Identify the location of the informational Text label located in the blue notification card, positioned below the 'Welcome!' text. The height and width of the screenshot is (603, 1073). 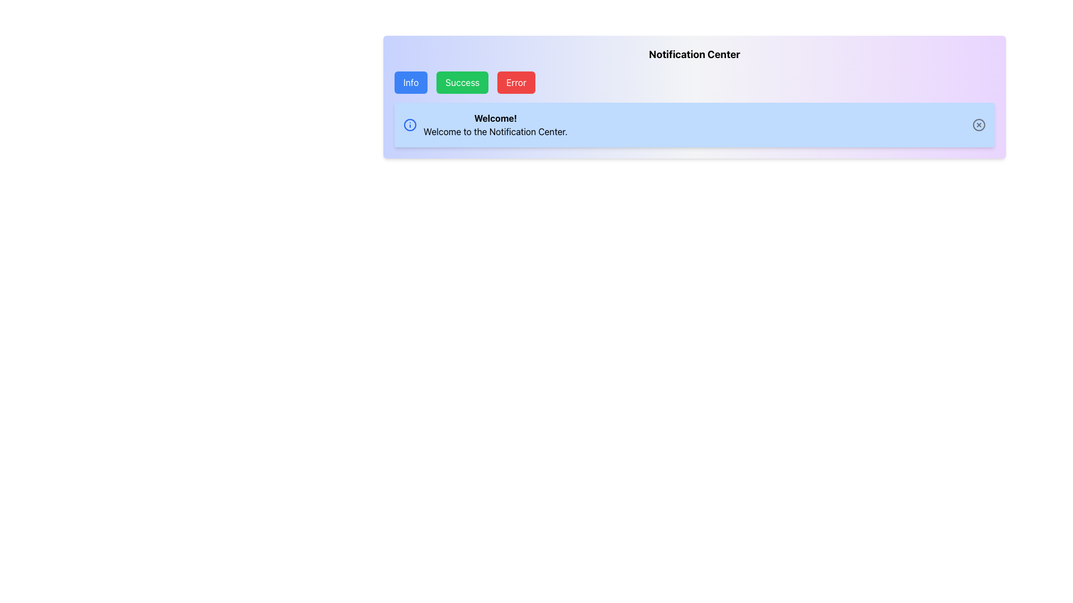
(495, 131).